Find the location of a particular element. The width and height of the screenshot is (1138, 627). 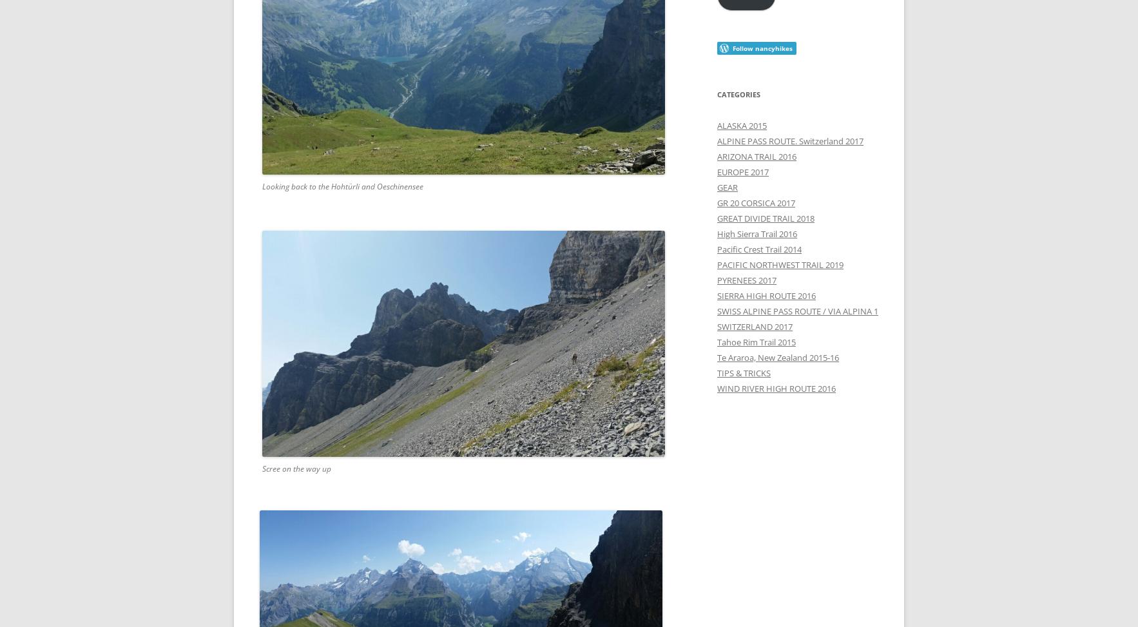

'WIND RIVER HIGH ROUTE 2016' is located at coordinates (775, 387).